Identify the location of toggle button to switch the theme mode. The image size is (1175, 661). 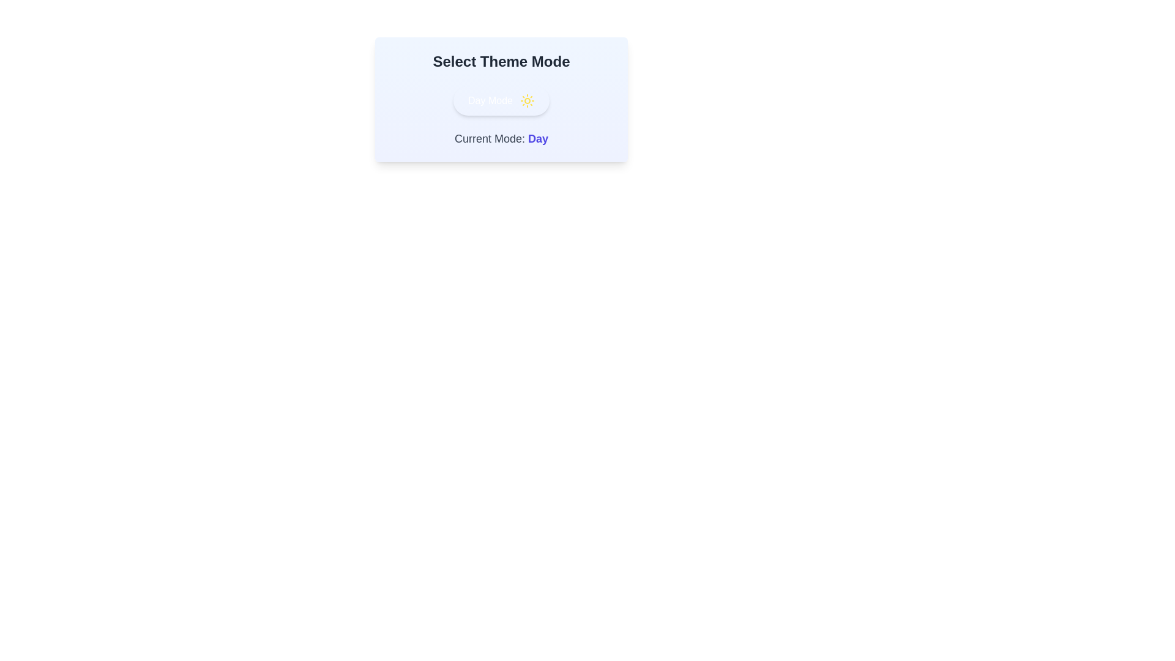
(501, 100).